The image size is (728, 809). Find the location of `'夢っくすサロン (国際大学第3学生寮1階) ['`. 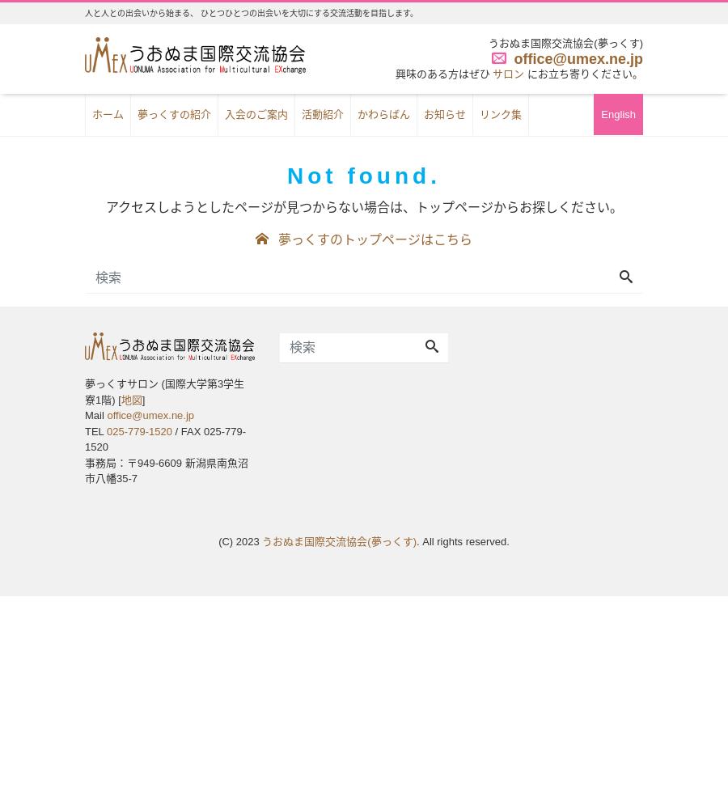

'夢っくすサロン (国際大学第3学生寮1階) [' is located at coordinates (84, 391).